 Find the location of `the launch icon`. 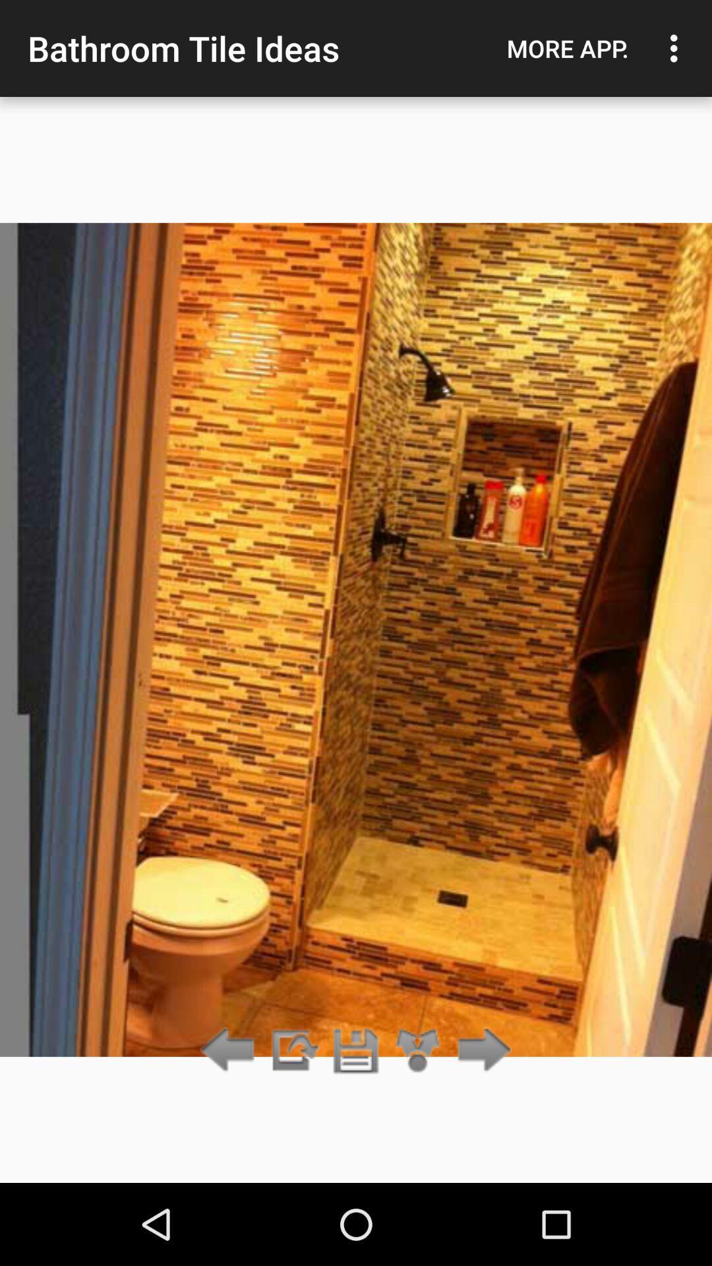

the launch icon is located at coordinates (293, 1050).